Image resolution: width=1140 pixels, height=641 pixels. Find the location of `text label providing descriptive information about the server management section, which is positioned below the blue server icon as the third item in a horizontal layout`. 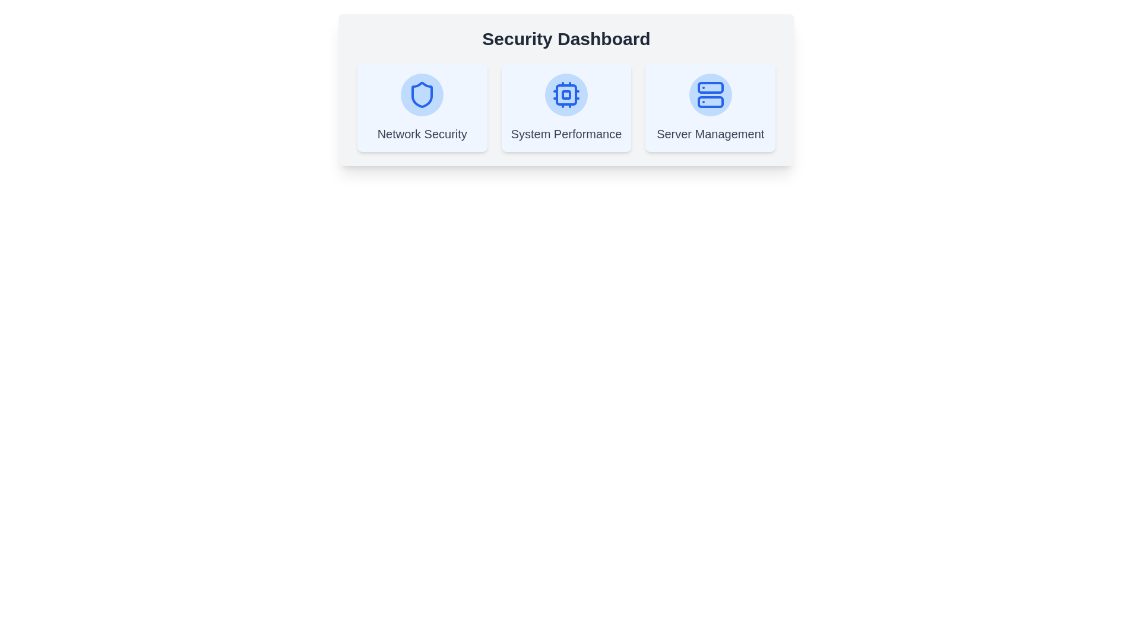

text label providing descriptive information about the server management section, which is positioned below the blue server icon as the third item in a horizontal layout is located at coordinates (710, 134).